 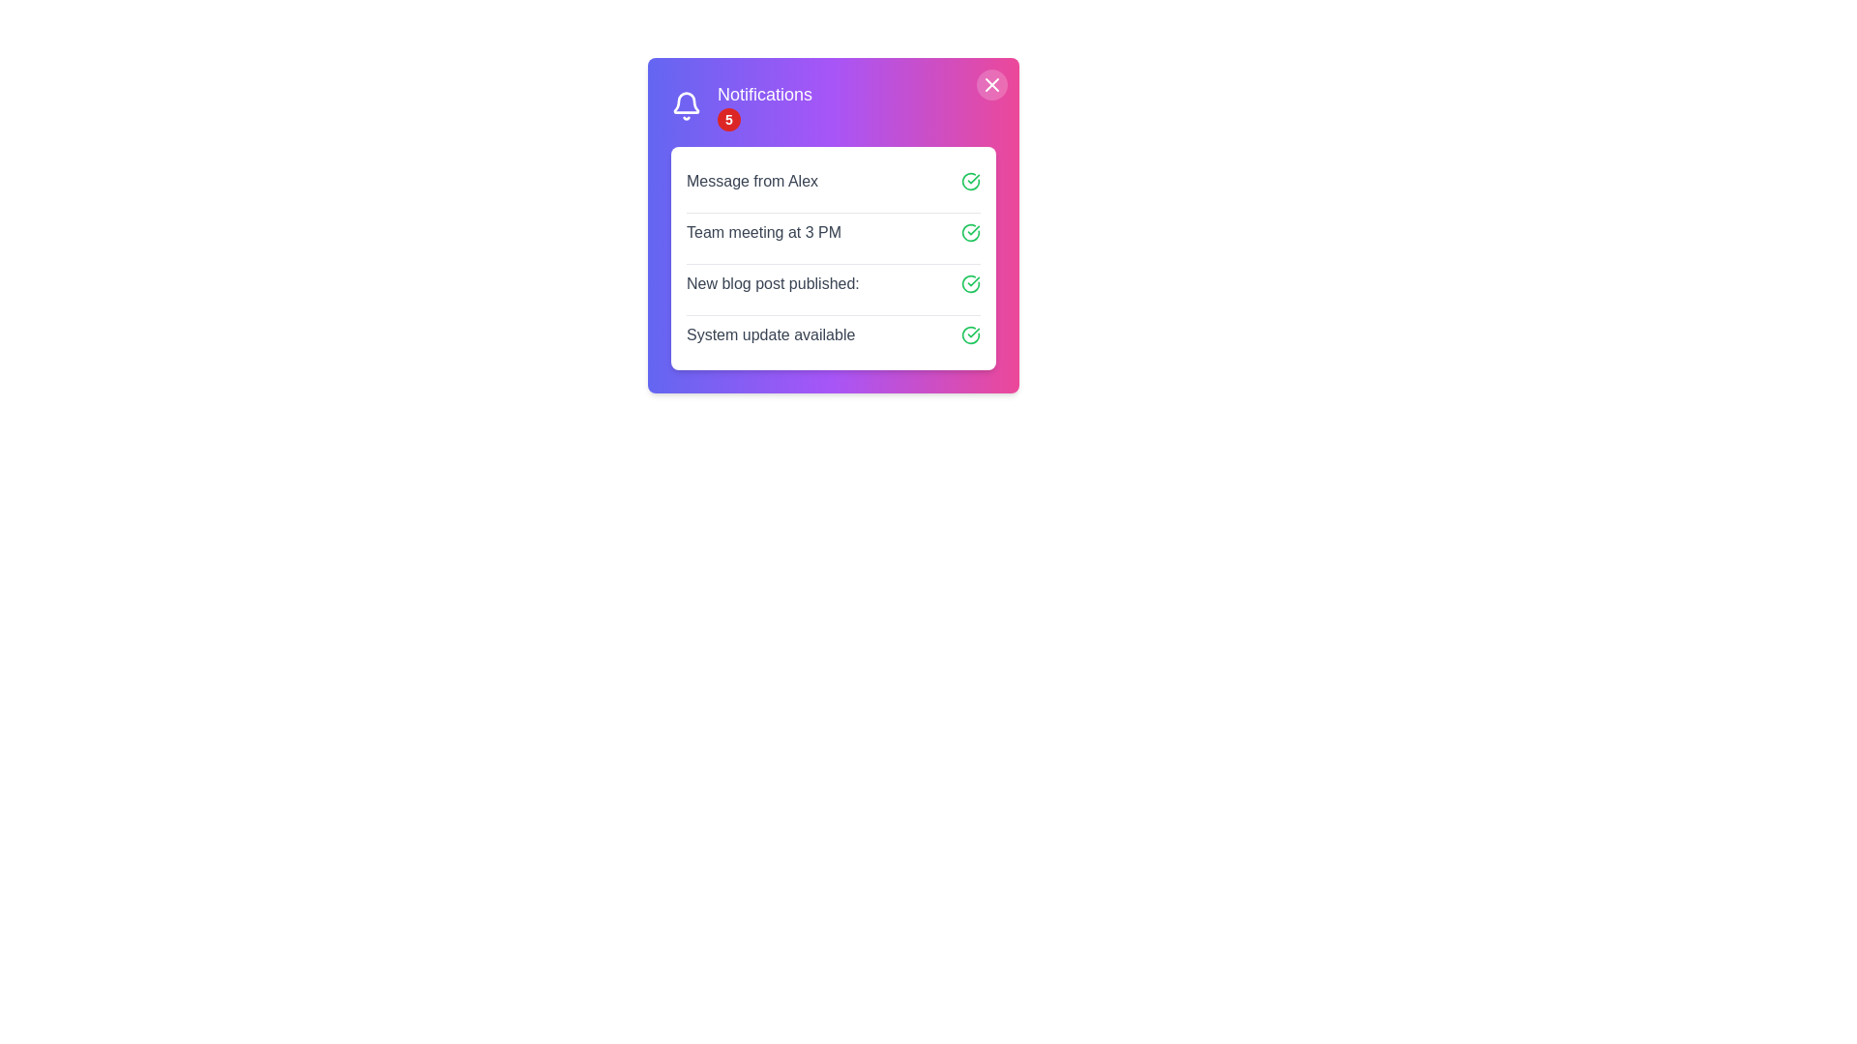 I want to click on the Text label that serves as a title or summary for a notification entry within the notification panel, so click(x=751, y=182).